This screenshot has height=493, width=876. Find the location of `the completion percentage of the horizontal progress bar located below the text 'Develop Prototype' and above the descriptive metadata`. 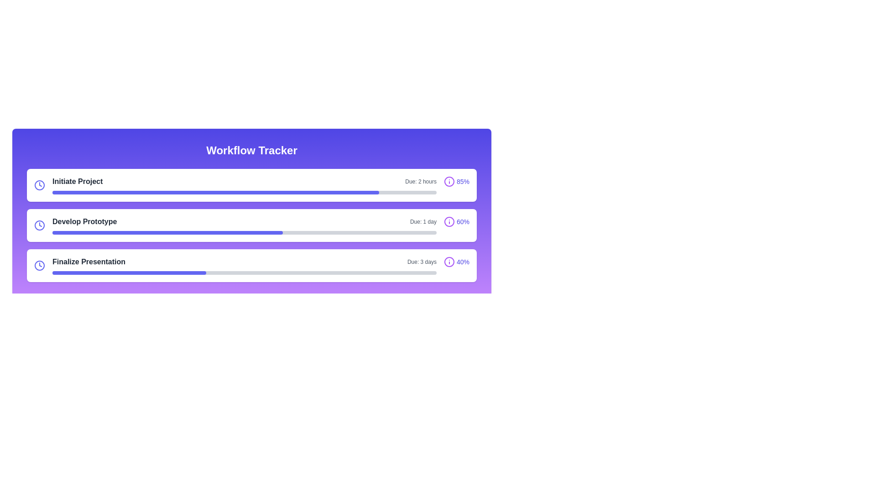

the completion percentage of the horizontal progress bar located below the text 'Develop Prototype' and above the descriptive metadata is located at coordinates (245, 232).